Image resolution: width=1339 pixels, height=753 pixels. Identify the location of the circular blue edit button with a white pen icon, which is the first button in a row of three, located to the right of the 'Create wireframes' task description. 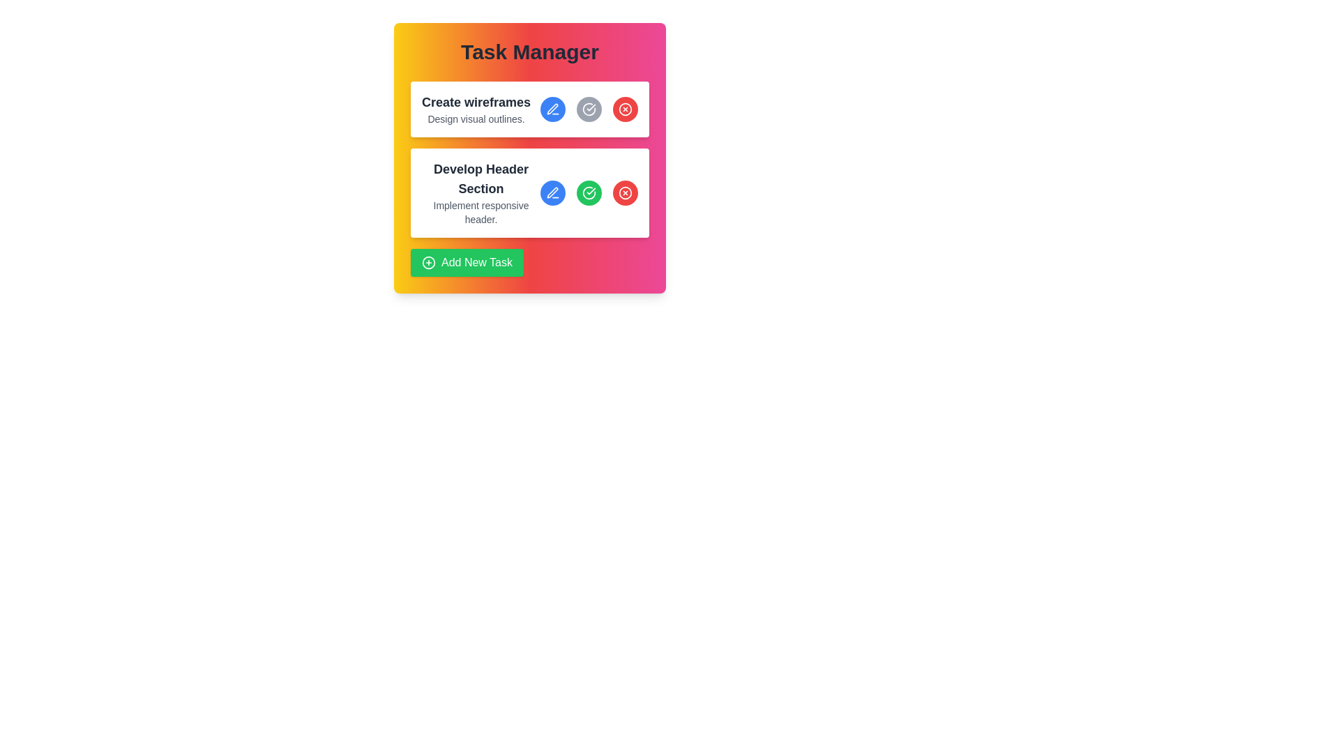
(552, 109).